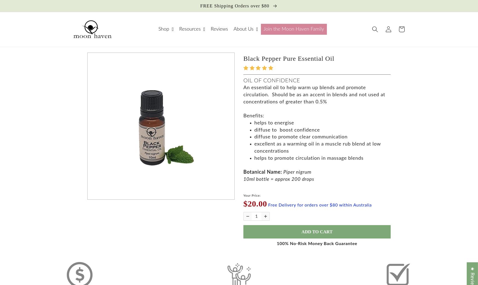 The width and height of the screenshot is (478, 285). Describe the element at coordinates (240, 77) in the screenshot. I see `'Meet The Team'` at that location.